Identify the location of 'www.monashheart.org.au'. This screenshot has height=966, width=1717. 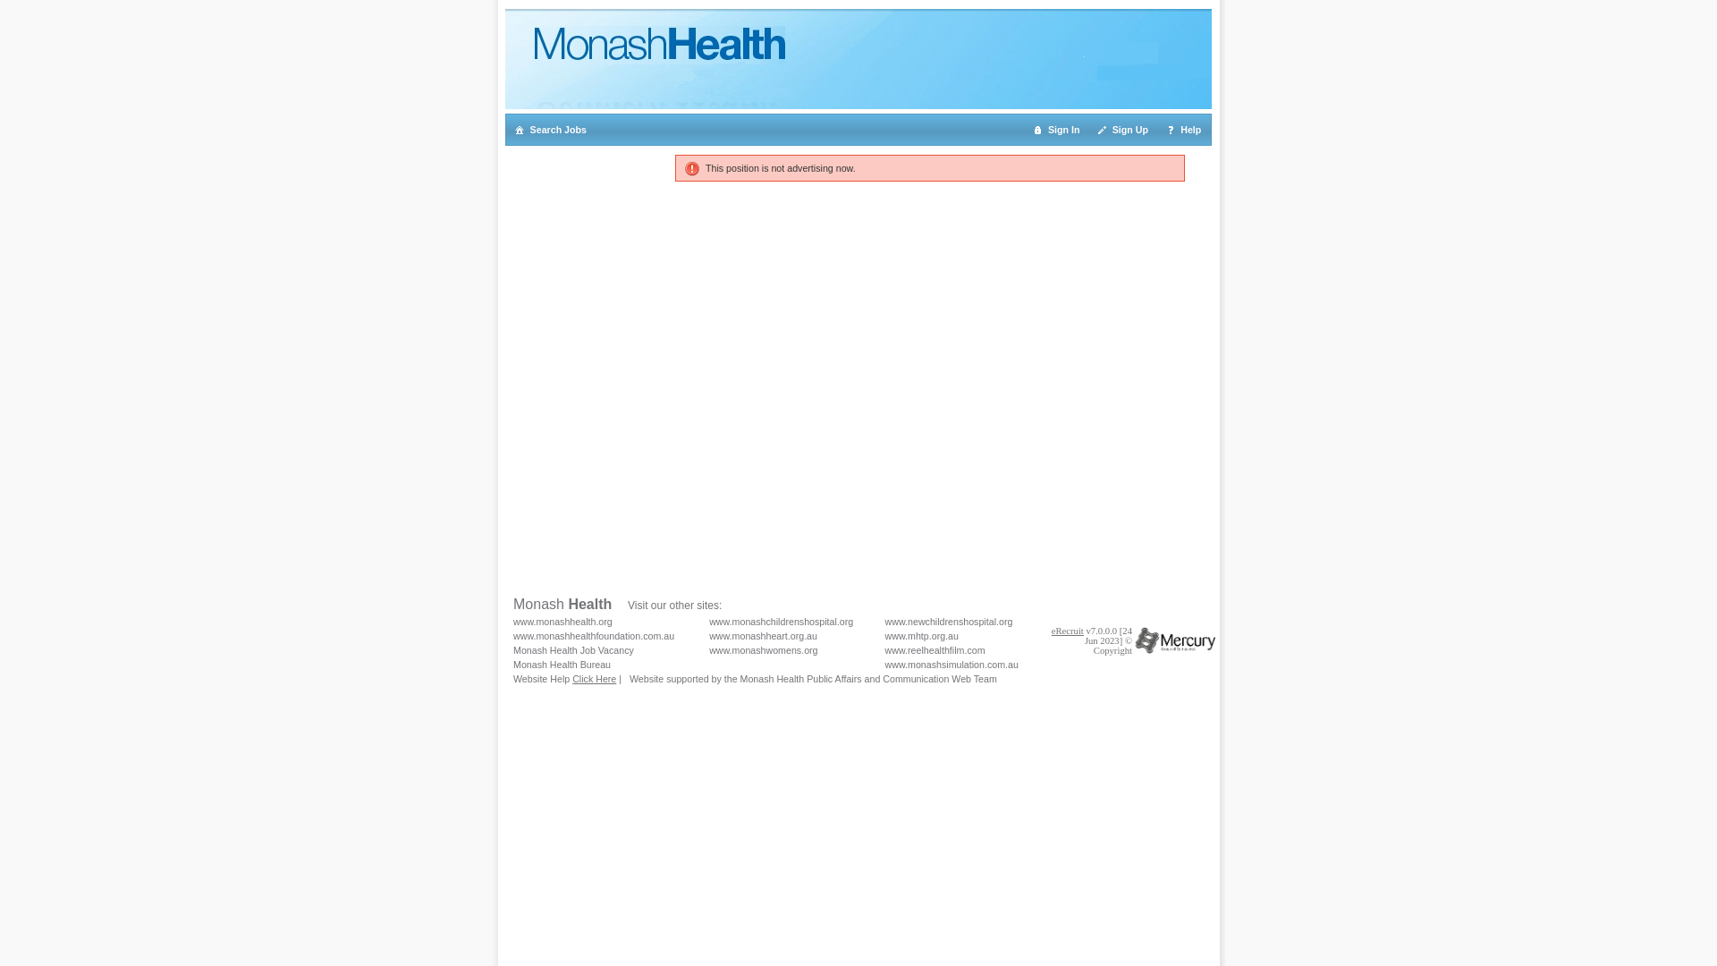
(763, 634).